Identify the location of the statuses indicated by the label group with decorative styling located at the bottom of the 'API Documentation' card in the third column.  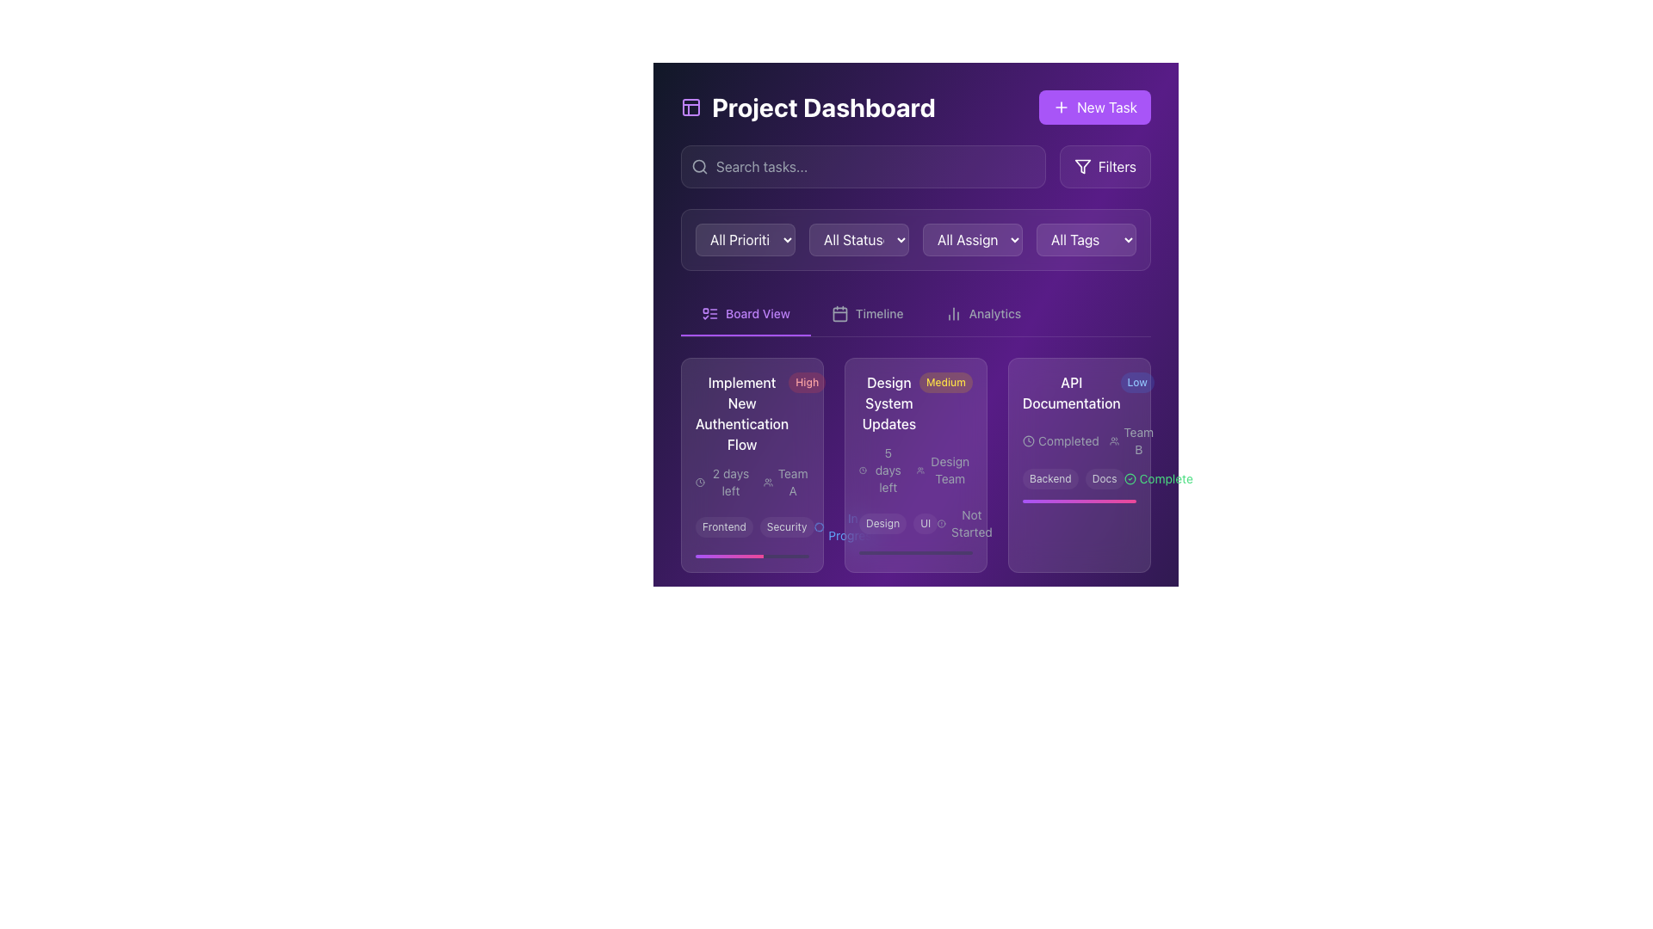
(1078, 478).